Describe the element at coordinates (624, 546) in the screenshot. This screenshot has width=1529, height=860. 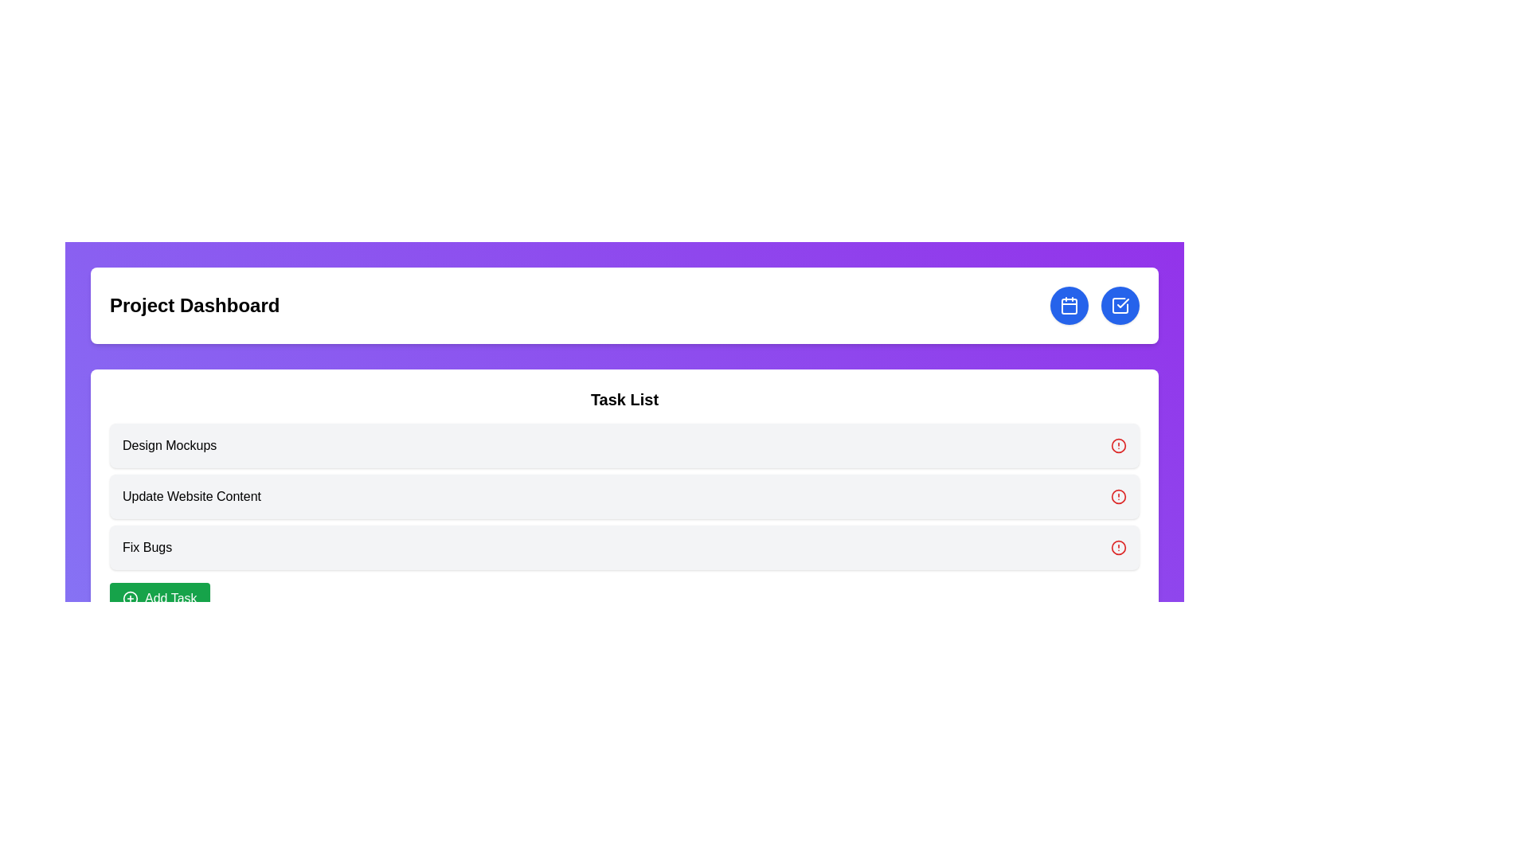
I see `the 'Fix Bugs' task list item located in the 'Task List' section, which is the third item in the list` at that location.